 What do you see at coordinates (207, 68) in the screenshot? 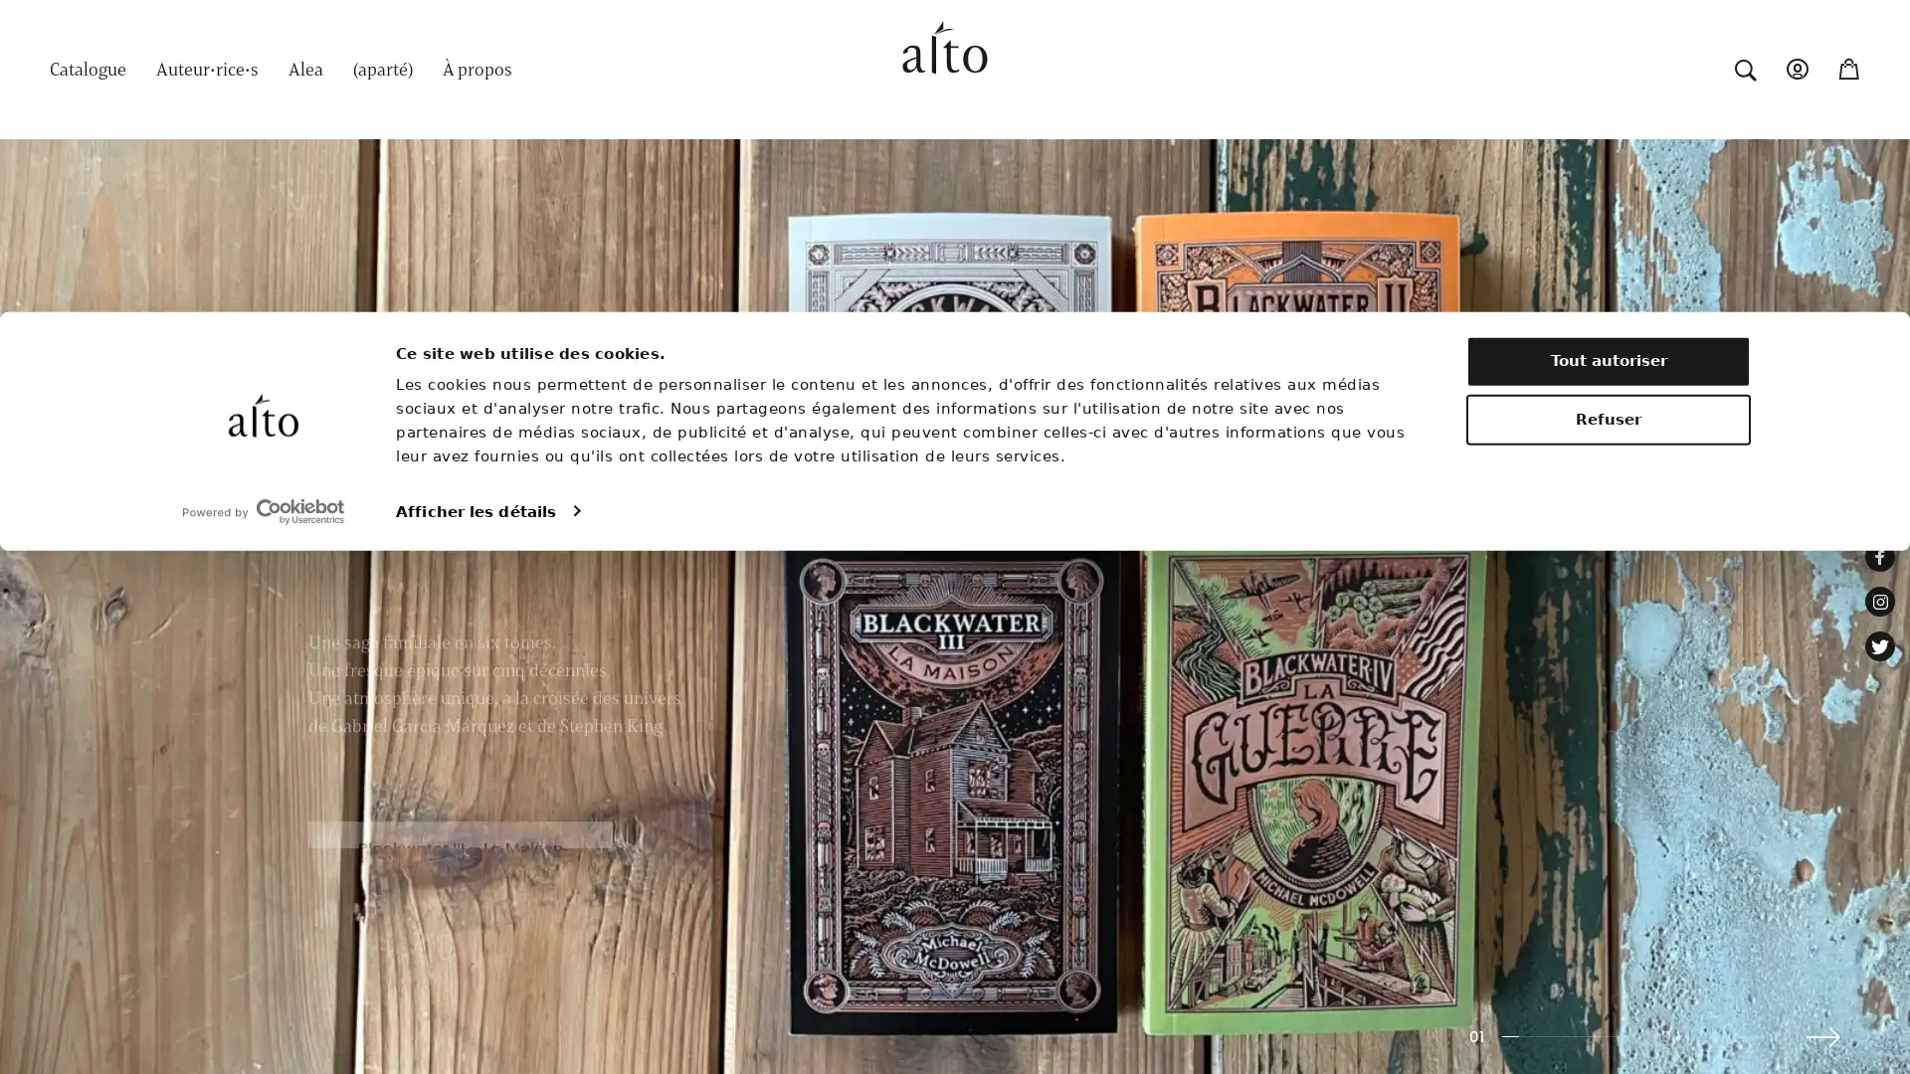
I see `Auteurrices` at bounding box center [207, 68].